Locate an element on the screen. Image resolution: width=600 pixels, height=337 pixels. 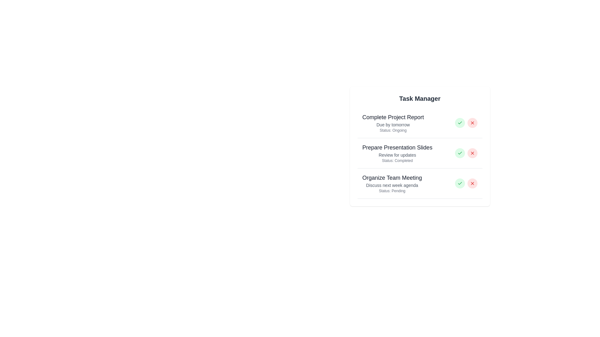
the text label indicating the ongoing status of the 'Complete Project Report' task, located beneath the 'Due by tomorrow' subtitle is located at coordinates (392, 130).